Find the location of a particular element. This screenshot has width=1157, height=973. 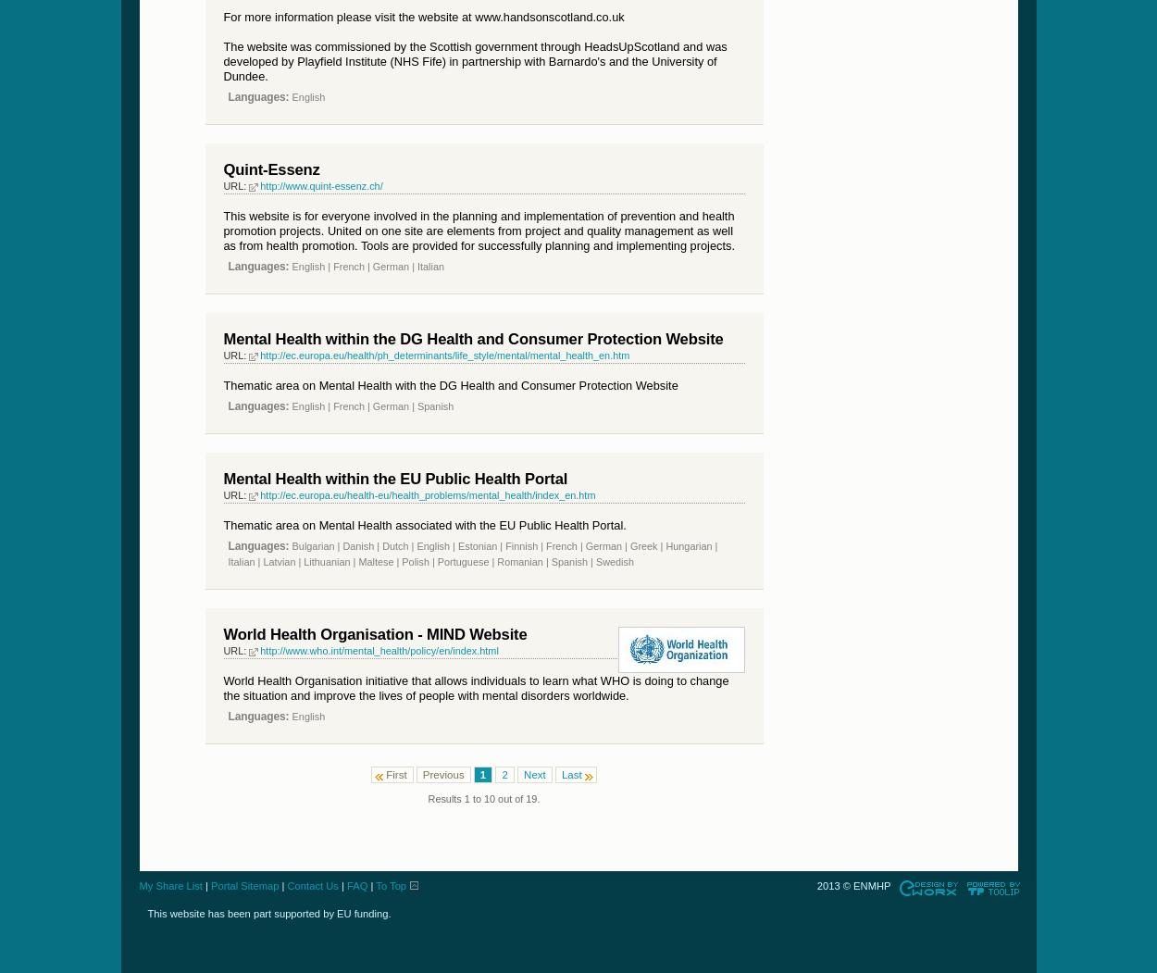

'Next' is located at coordinates (523, 773).